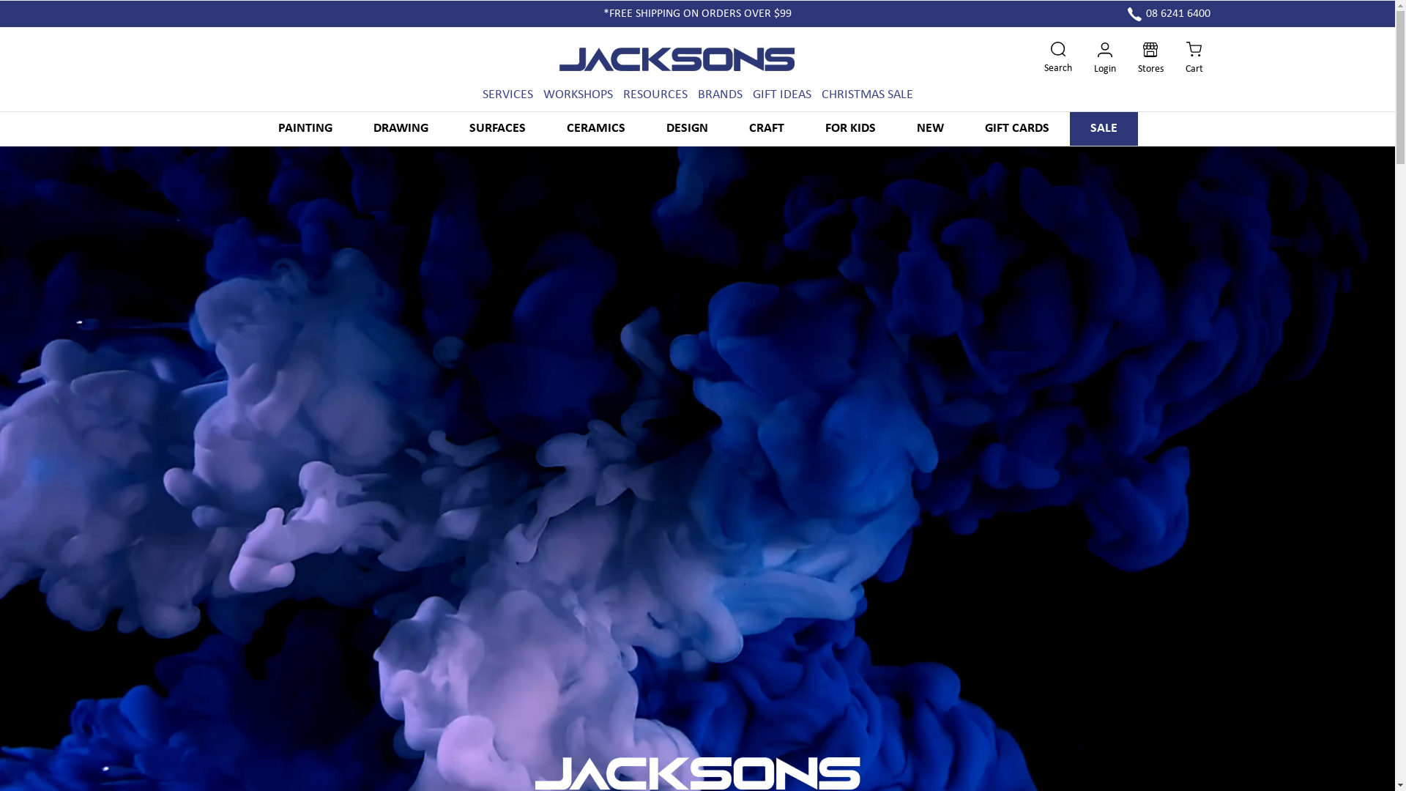 This screenshot has height=791, width=1406. Describe the element at coordinates (686, 128) in the screenshot. I see `'DESIGN'` at that location.